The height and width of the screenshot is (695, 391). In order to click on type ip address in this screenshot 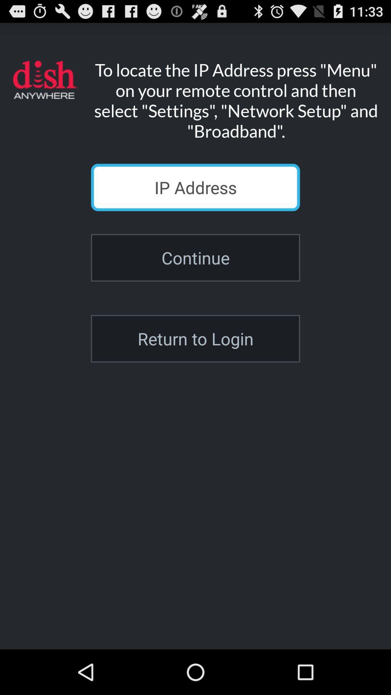, I will do `click(195, 187)`.